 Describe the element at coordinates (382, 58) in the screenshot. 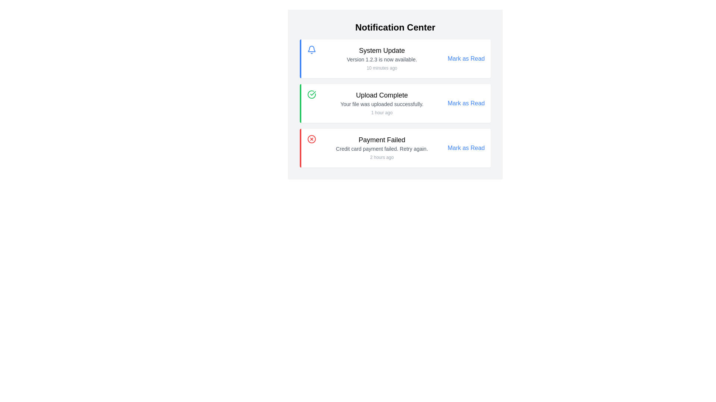

I see `text block containing 'System Update', 'Version 1.2.3 is now available.', and '10 minutes ago' to obtain information` at that location.